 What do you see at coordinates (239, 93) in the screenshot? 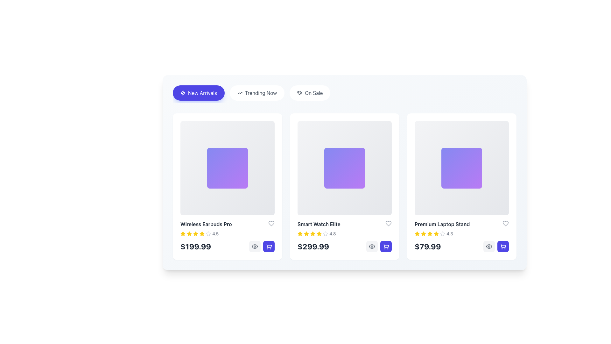
I see `the upward trend icon located to the left of the 'Trending Now' text within the button-like component in the menu bar` at bounding box center [239, 93].